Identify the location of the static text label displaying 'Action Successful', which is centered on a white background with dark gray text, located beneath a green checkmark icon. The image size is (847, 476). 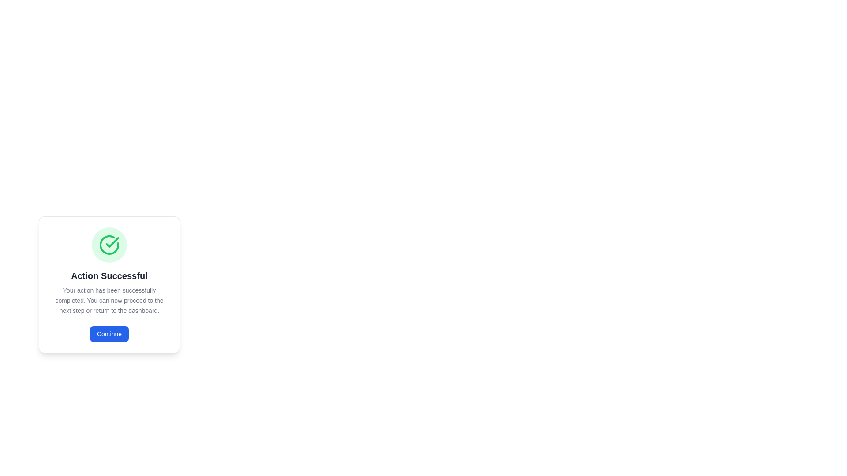
(109, 275).